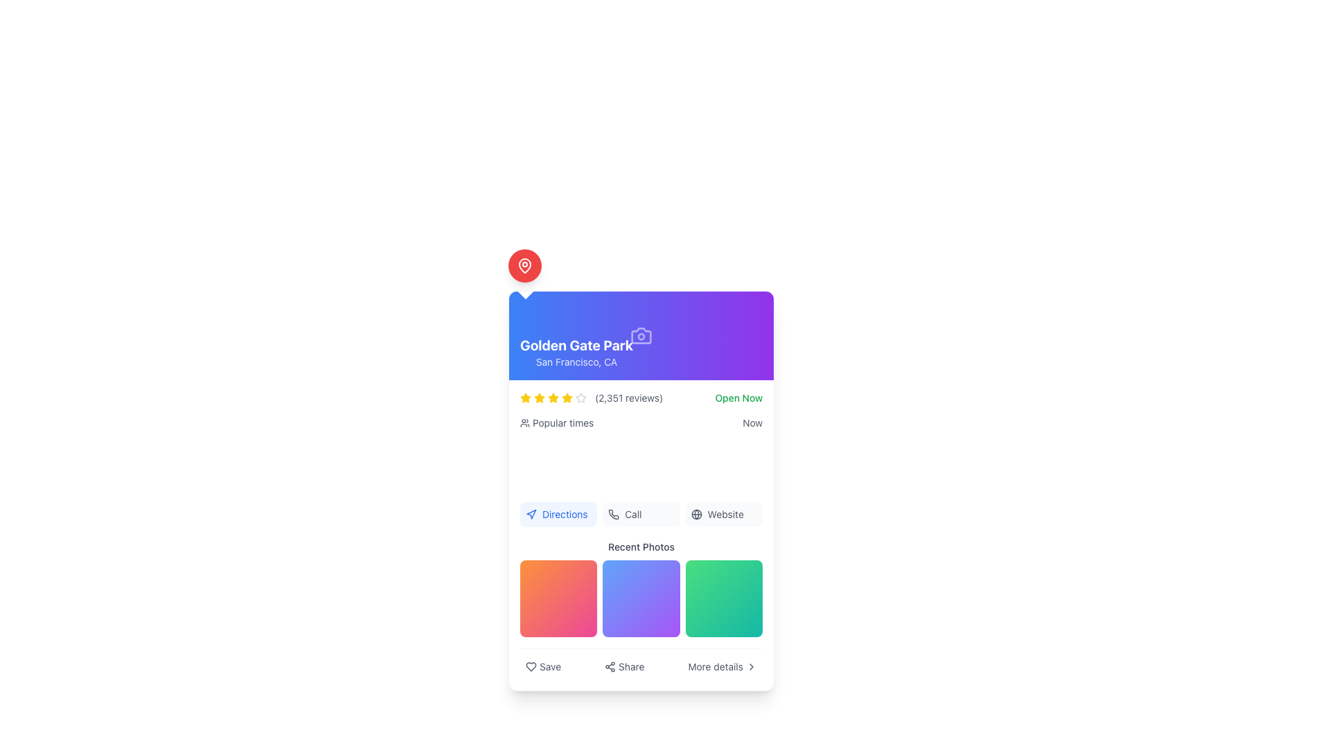  I want to click on the fifth star icon in the 5-star rating system located above the text '(2,351 reviews)', so click(552, 398).